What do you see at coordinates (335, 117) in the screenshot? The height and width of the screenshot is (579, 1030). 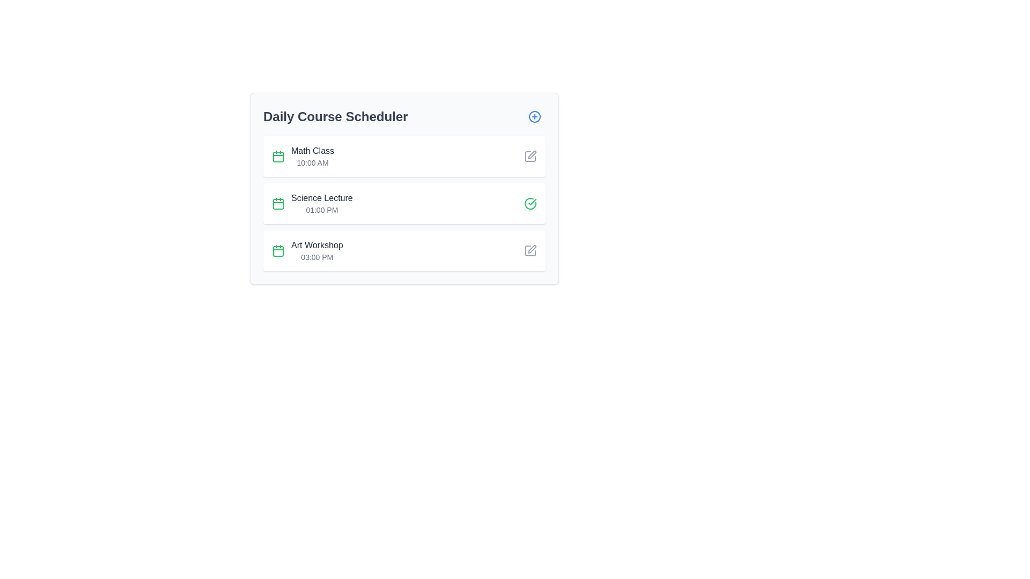 I see `the heading labeled 'Daily Course Scheduler', which serves as the title for the surrounding section` at bounding box center [335, 117].